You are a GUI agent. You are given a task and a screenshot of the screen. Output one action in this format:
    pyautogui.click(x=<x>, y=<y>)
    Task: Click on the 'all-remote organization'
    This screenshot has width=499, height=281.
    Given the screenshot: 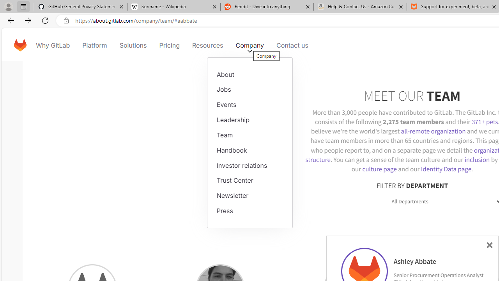 What is the action you would take?
    pyautogui.click(x=433, y=131)
    